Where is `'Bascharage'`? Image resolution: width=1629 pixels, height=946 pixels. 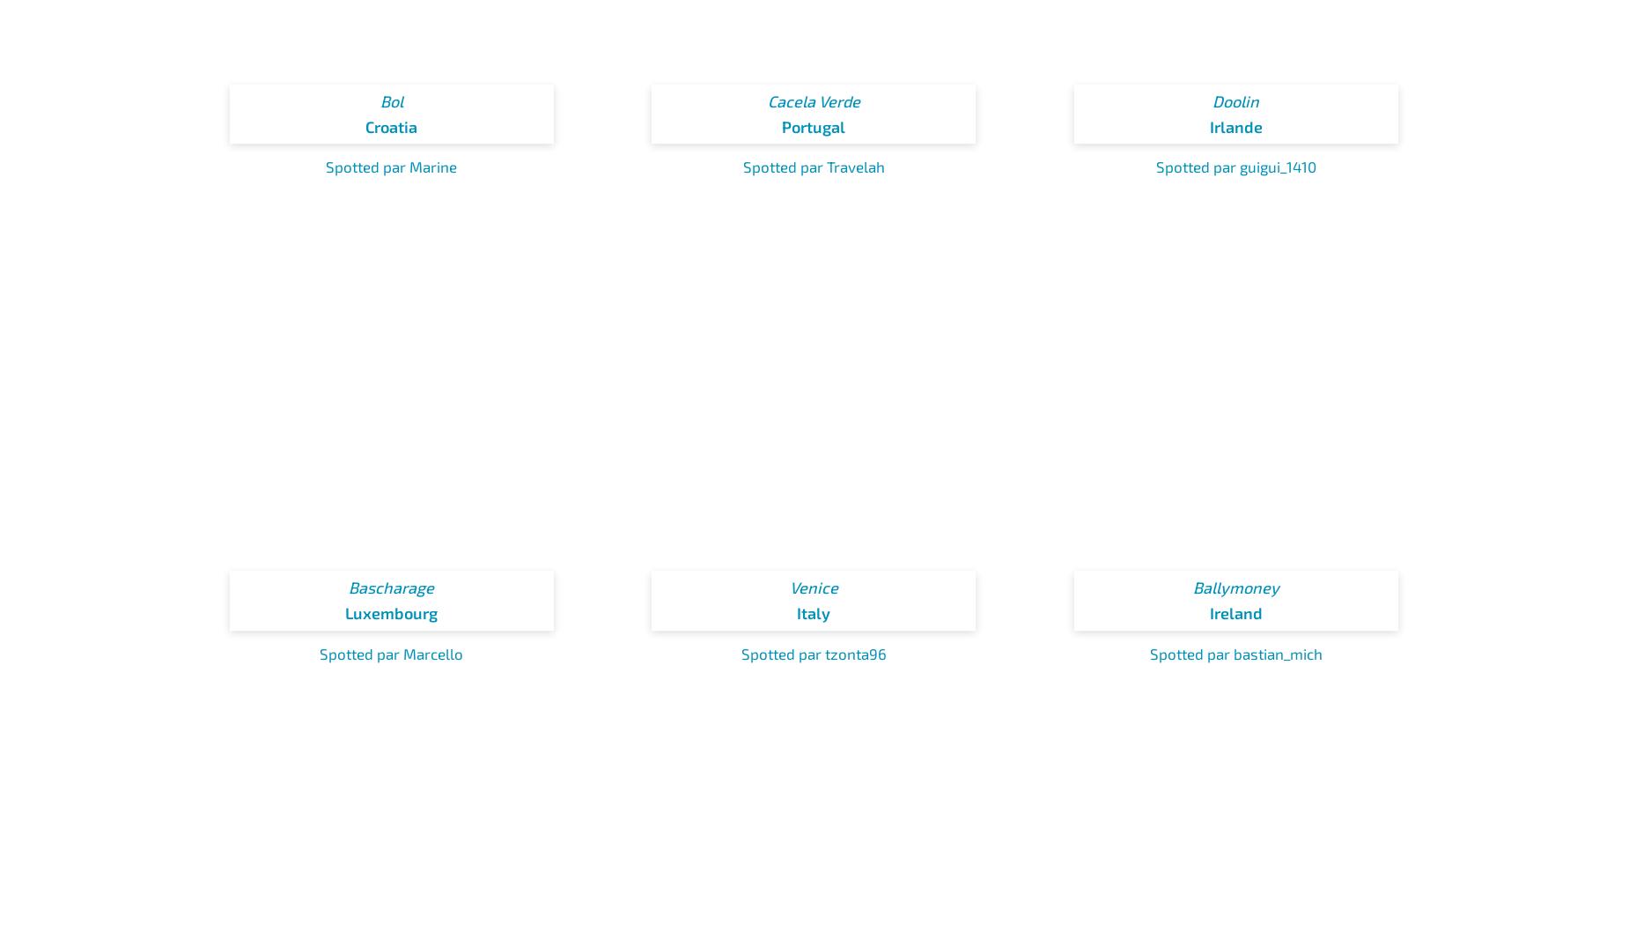
'Bascharage' is located at coordinates (390, 586).